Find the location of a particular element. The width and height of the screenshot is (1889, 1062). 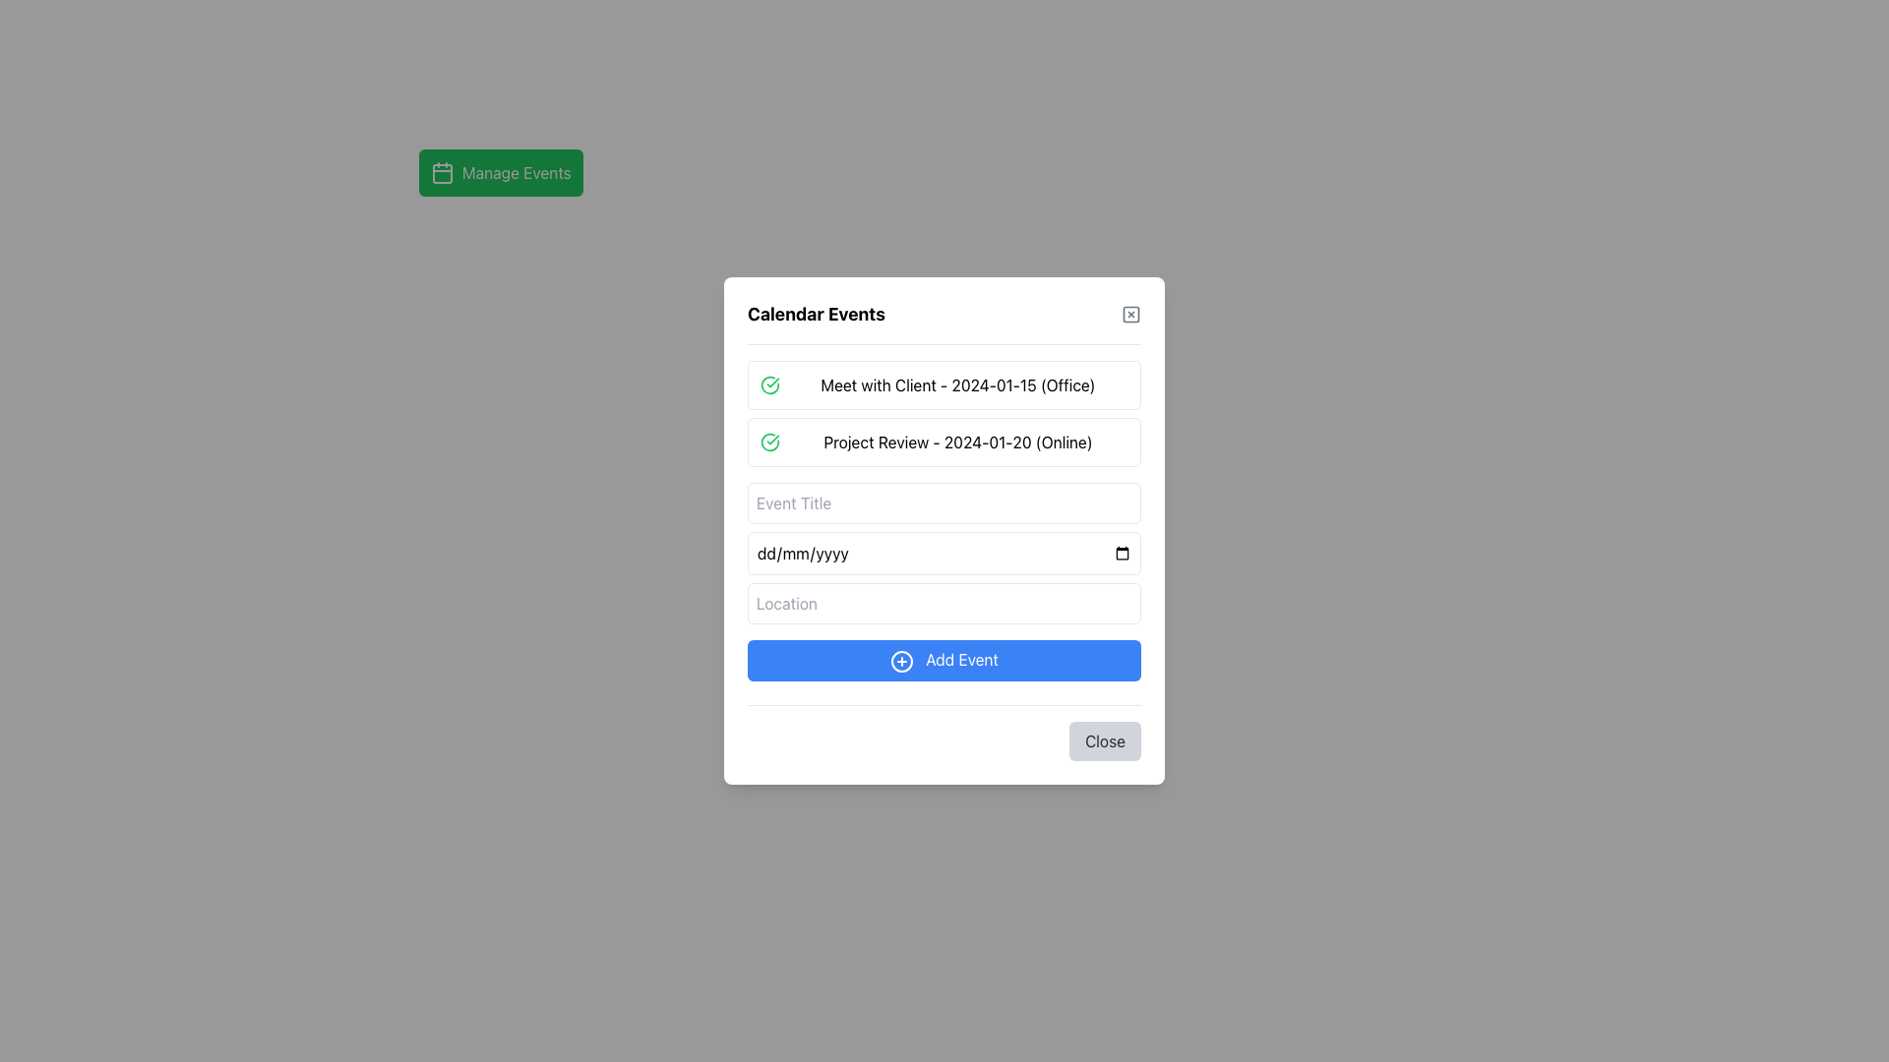

the text label displaying the details of the first calendar event in the 'Calendar Events' card is located at coordinates (958, 385).